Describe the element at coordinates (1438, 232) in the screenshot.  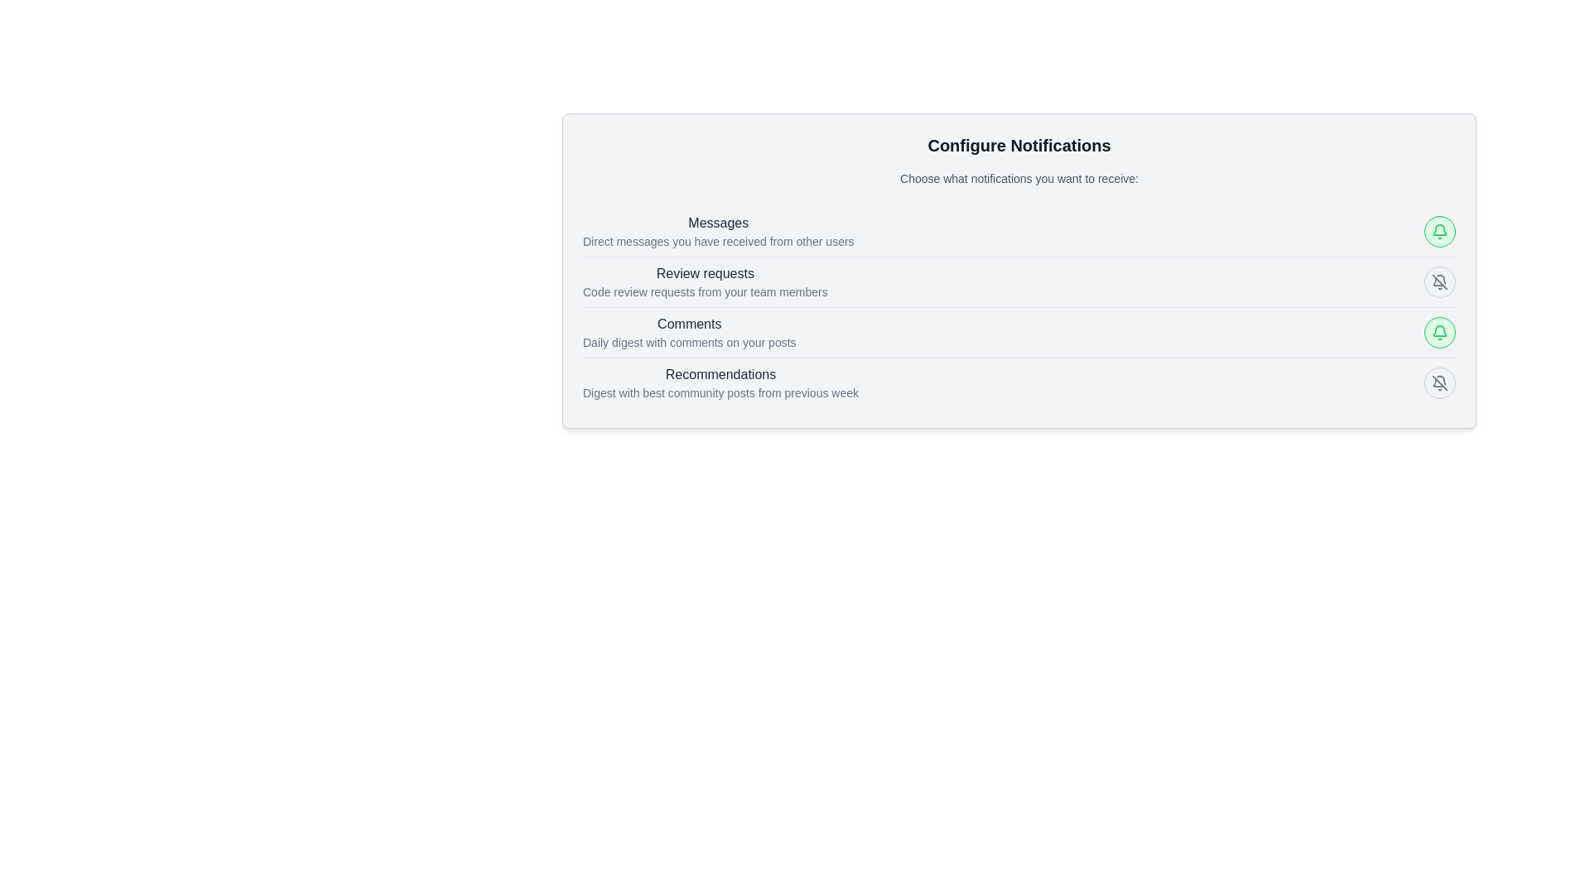
I see `the button that enables or disables notifications for the 'Messages' category, located in the rightmost section of the row titled 'Messages'` at that location.